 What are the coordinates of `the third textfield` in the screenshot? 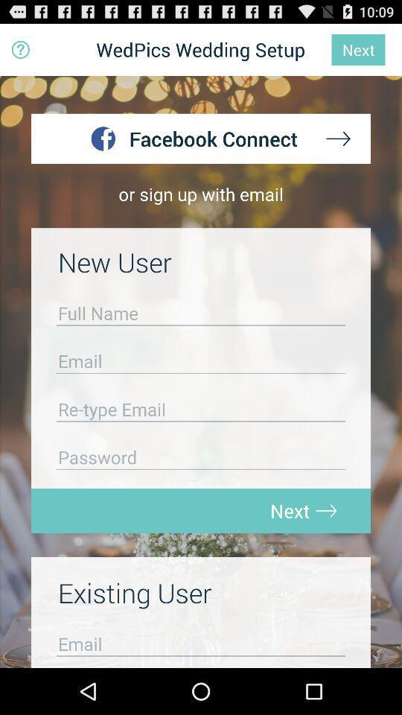 It's located at (201, 413).